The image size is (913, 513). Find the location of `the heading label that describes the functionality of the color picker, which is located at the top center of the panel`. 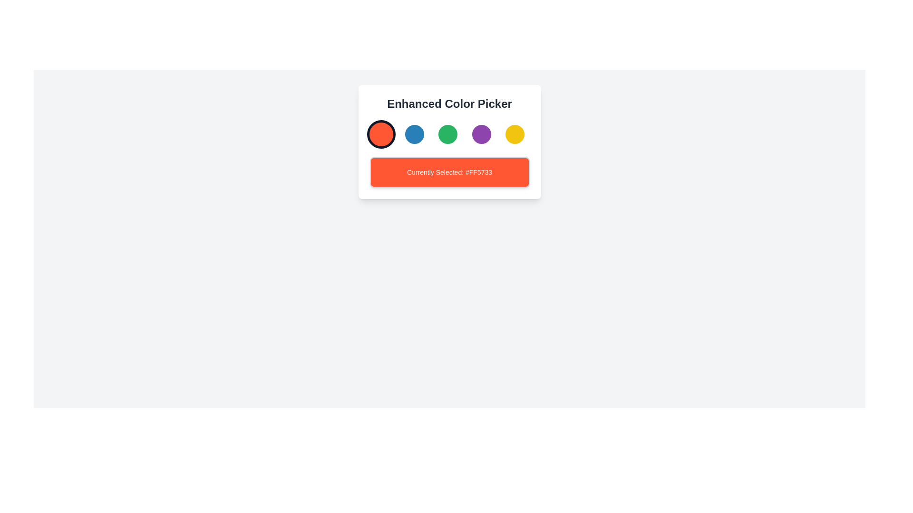

the heading label that describes the functionality of the color picker, which is located at the top center of the panel is located at coordinates (449, 104).